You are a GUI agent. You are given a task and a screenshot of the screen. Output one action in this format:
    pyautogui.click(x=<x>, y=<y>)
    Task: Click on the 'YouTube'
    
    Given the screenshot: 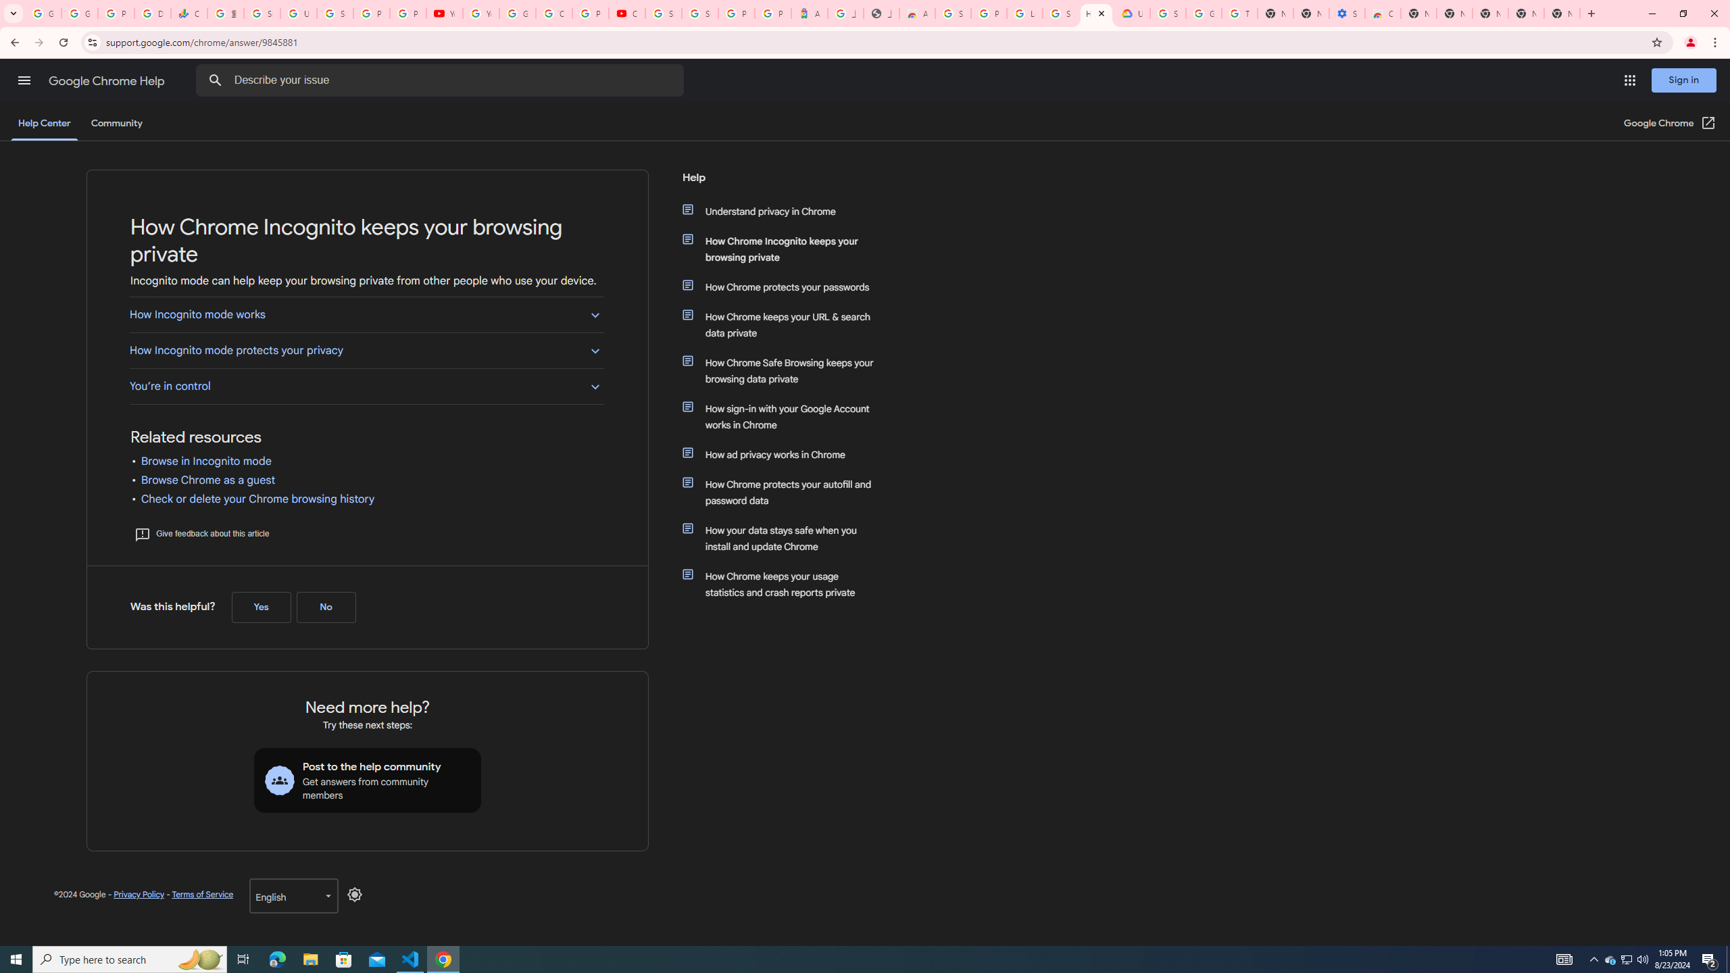 What is the action you would take?
    pyautogui.click(x=480, y=13)
    